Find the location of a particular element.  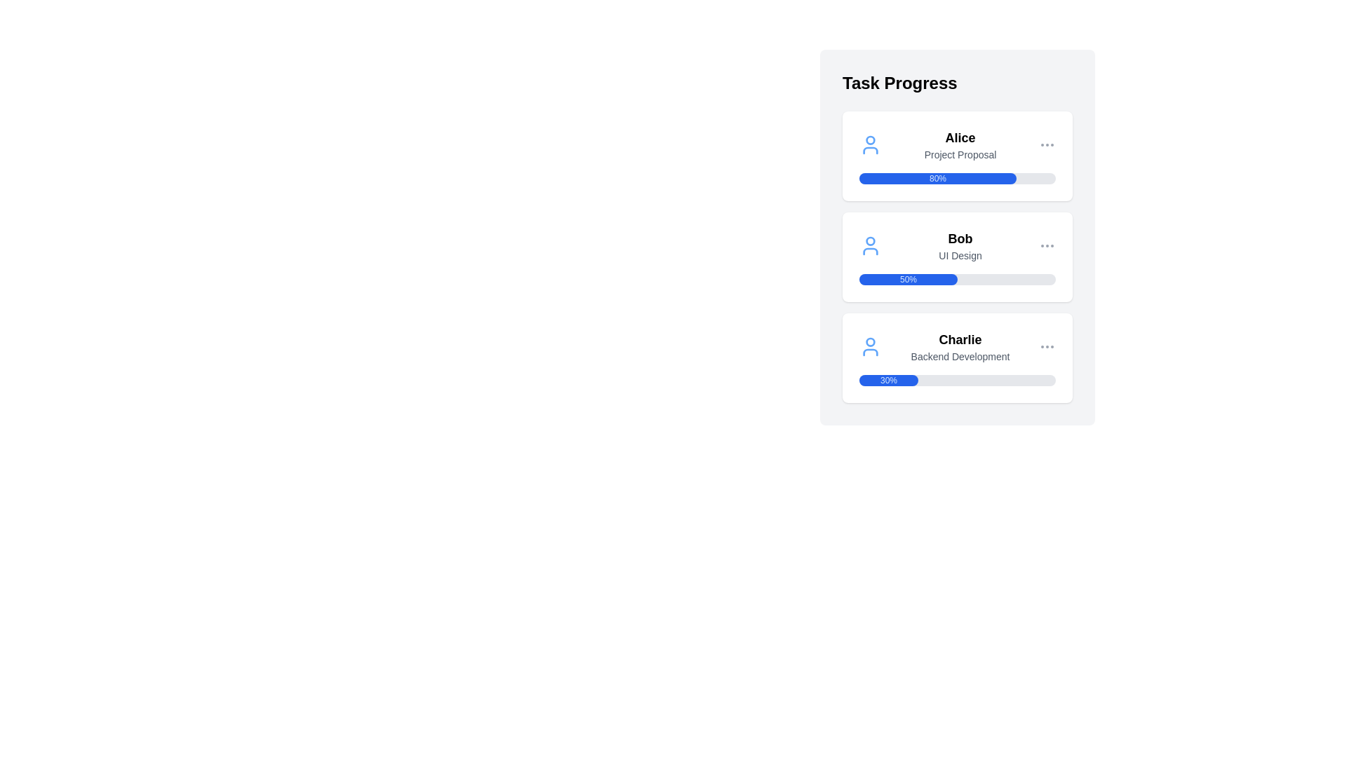

the circular icon representing the head of the avatar for 'Charlie' in the task progress interface, located above the progress bar is located at coordinates (870, 342).